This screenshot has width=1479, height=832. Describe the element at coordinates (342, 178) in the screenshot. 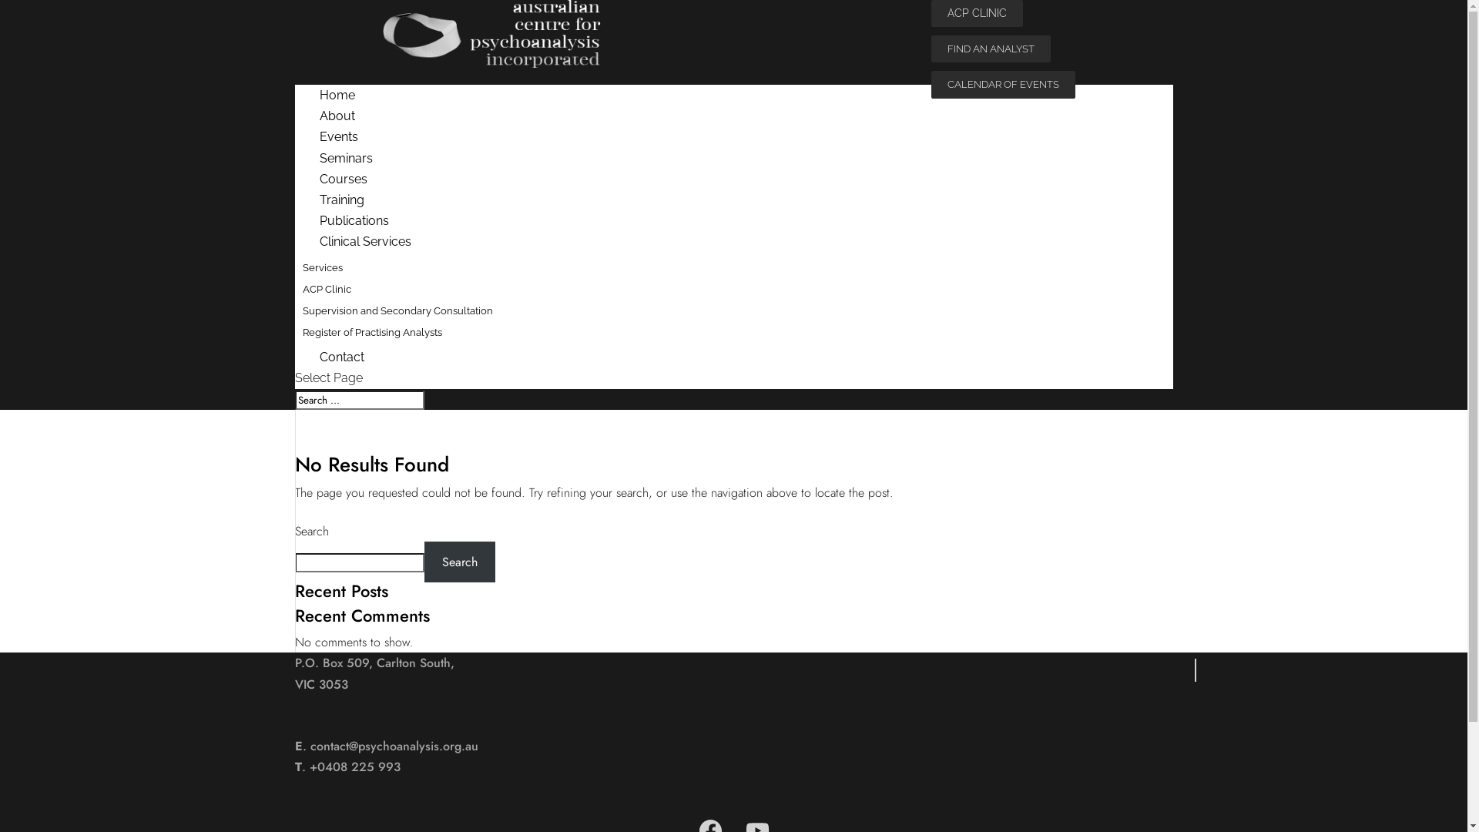

I see `'Courses'` at that location.